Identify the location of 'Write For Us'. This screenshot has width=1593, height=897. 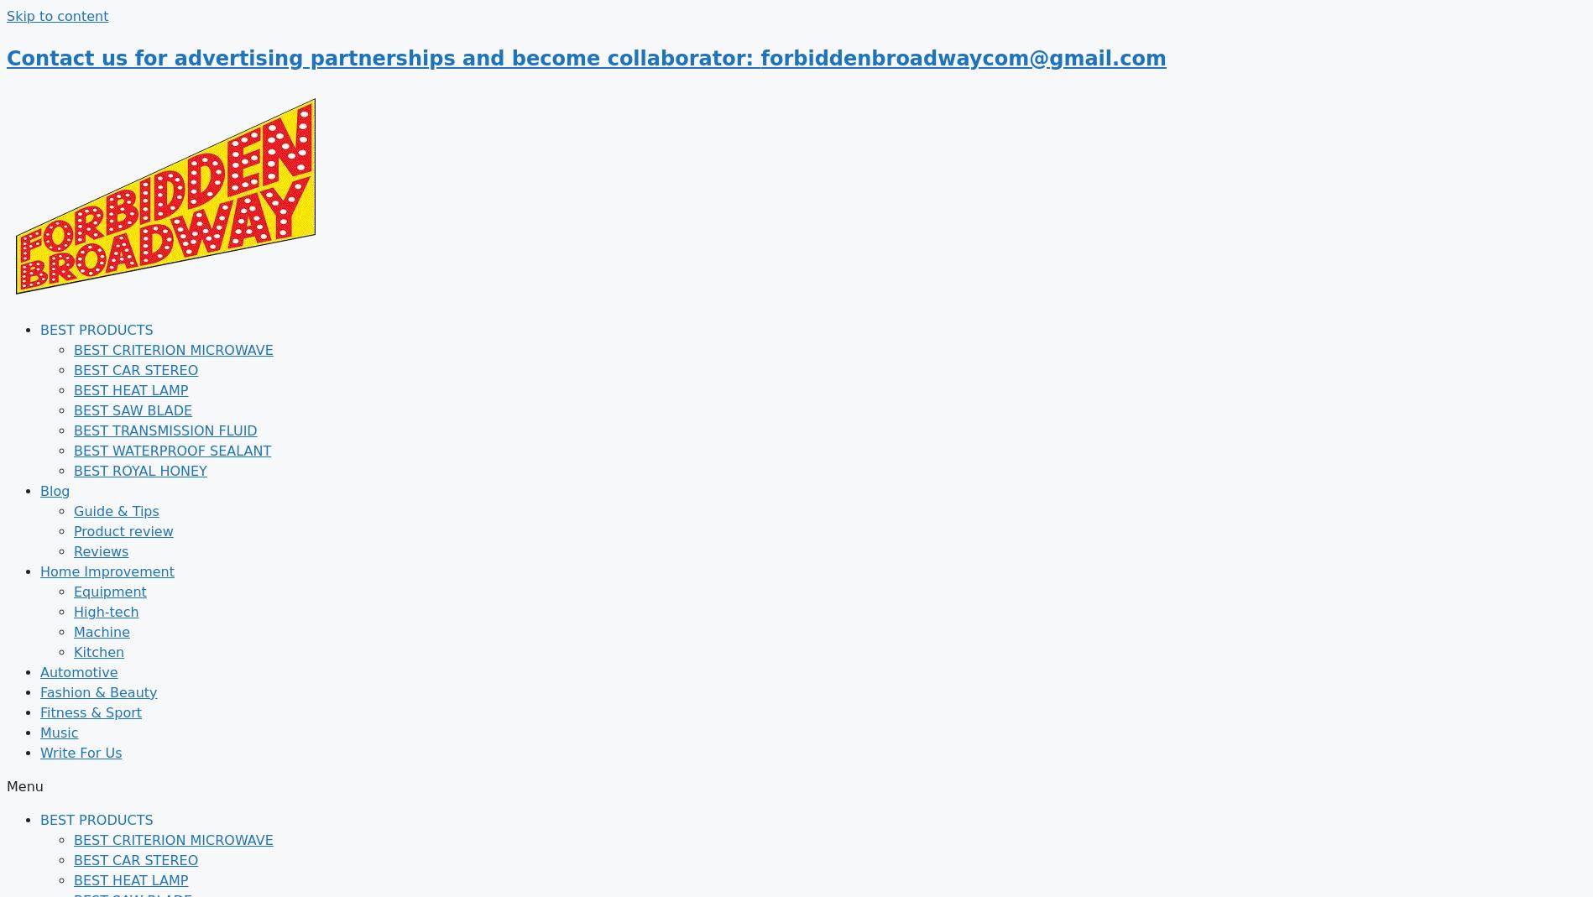
(40, 751).